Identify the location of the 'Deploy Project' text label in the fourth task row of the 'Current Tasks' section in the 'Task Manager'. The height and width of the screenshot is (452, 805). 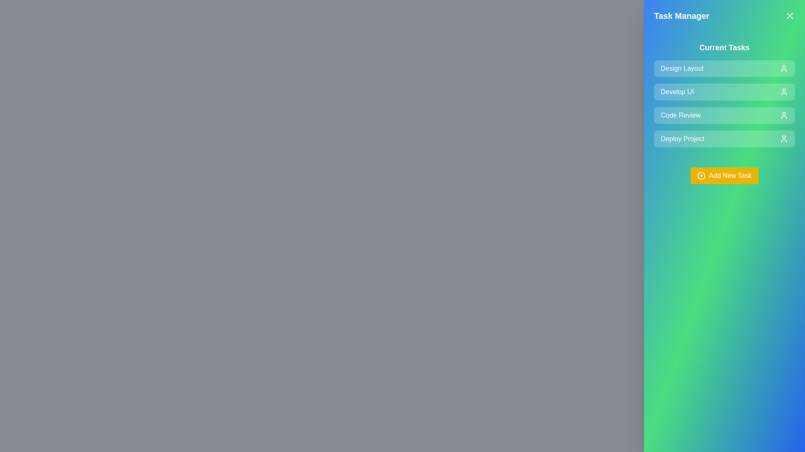
(682, 138).